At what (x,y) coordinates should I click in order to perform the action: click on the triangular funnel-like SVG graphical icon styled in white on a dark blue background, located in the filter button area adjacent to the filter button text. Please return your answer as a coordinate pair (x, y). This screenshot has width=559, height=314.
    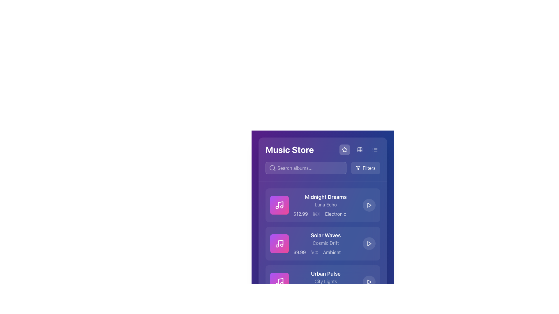
    Looking at the image, I should click on (358, 168).